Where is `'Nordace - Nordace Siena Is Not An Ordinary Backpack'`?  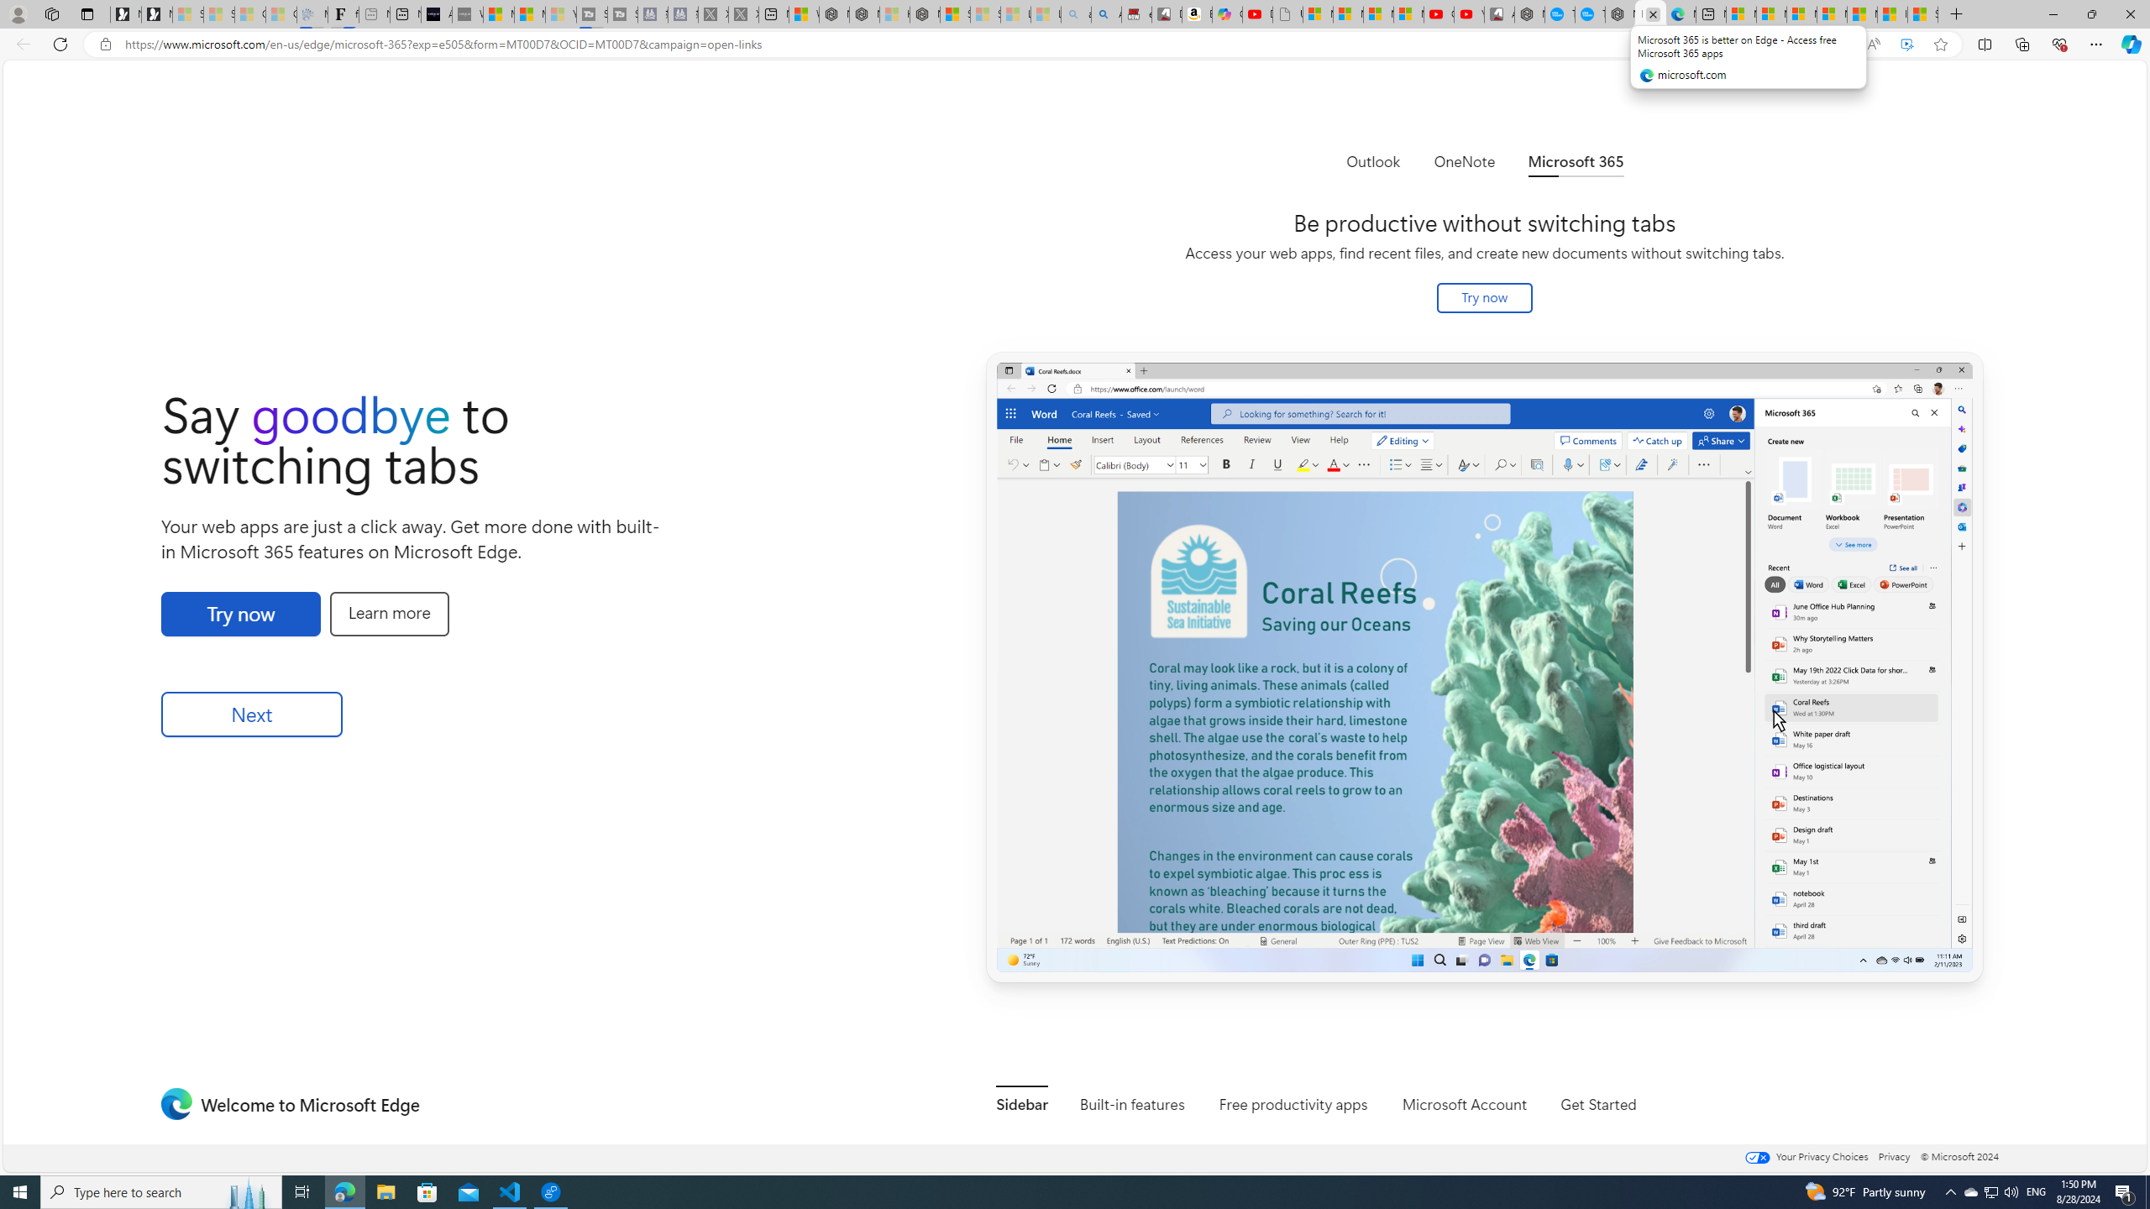 'Nordace - Nordace Siena Is Not An Ordinary Backpack' is located at coordinates (925, 13).